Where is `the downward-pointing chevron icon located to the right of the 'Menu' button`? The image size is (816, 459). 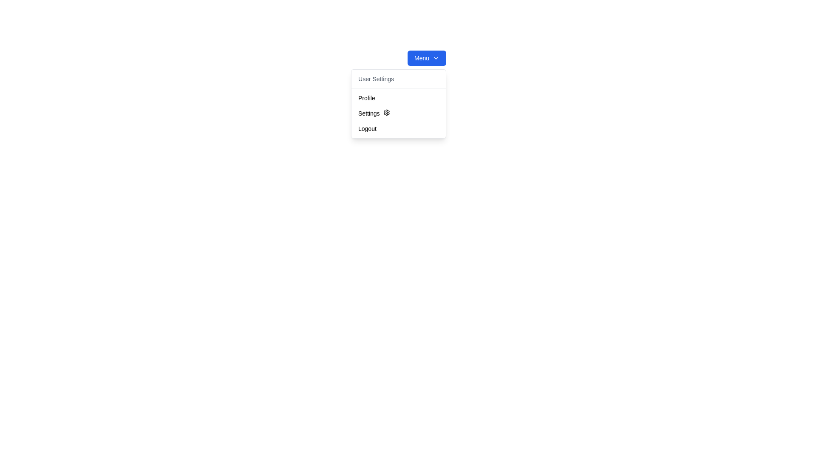
the downward-pointing chevron icon located to the right of the 'Menu' button is located at coordinates (436, 58).